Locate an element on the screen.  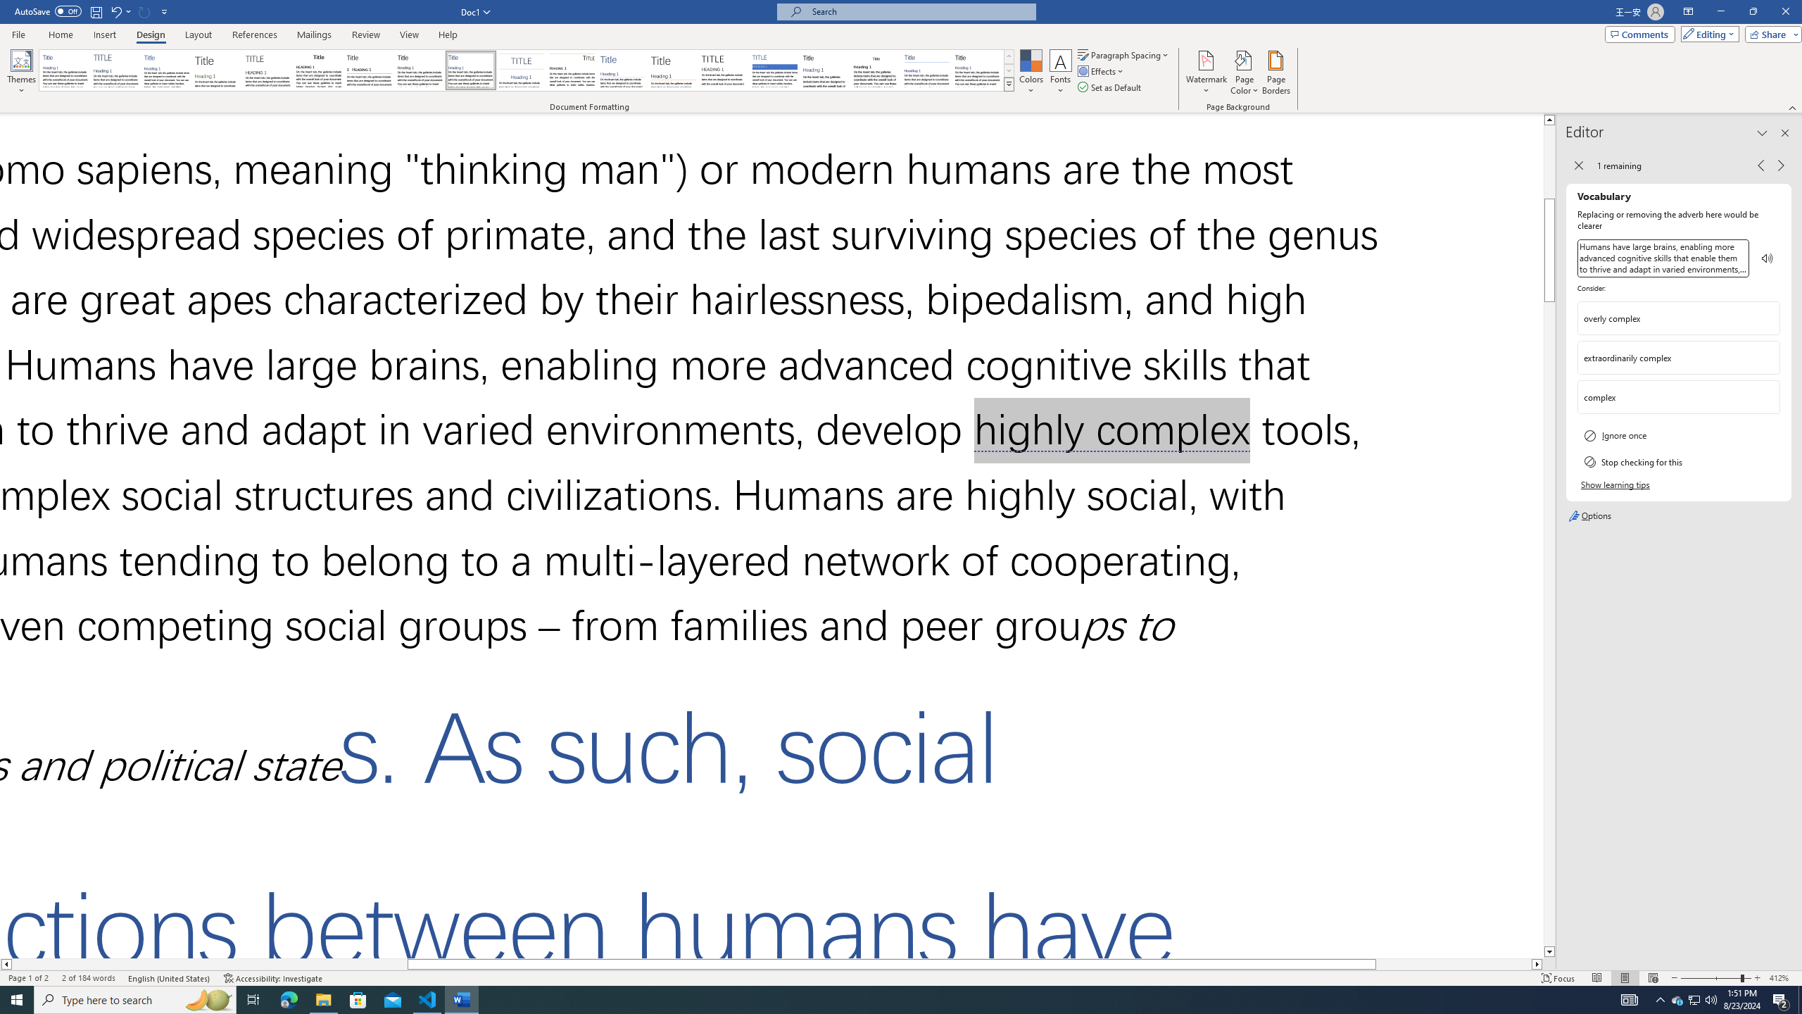
'extraordinarily complex' is located at coordinates (1678, 356).